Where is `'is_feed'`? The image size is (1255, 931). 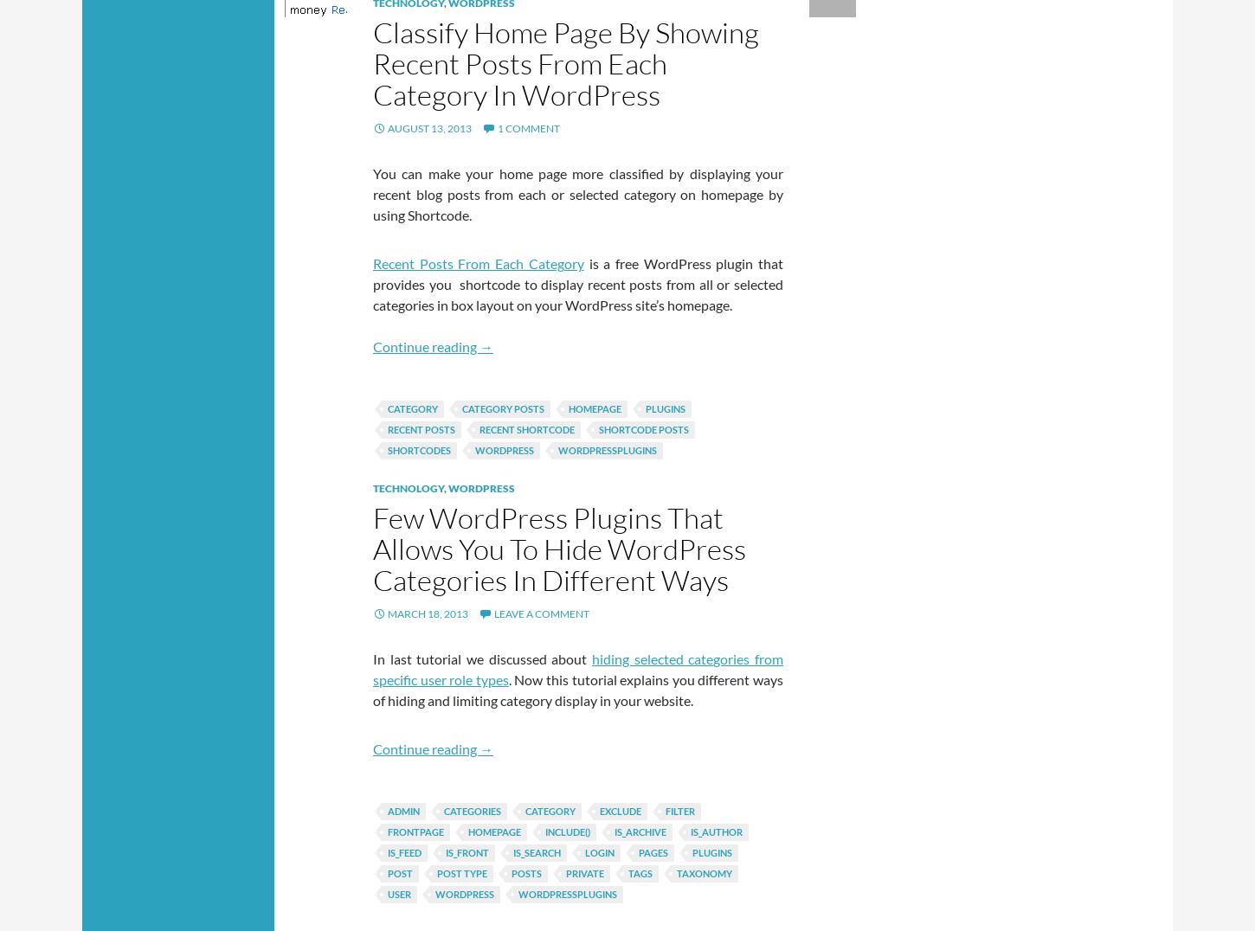
'is_feed' is located at coordinates (403, 852).